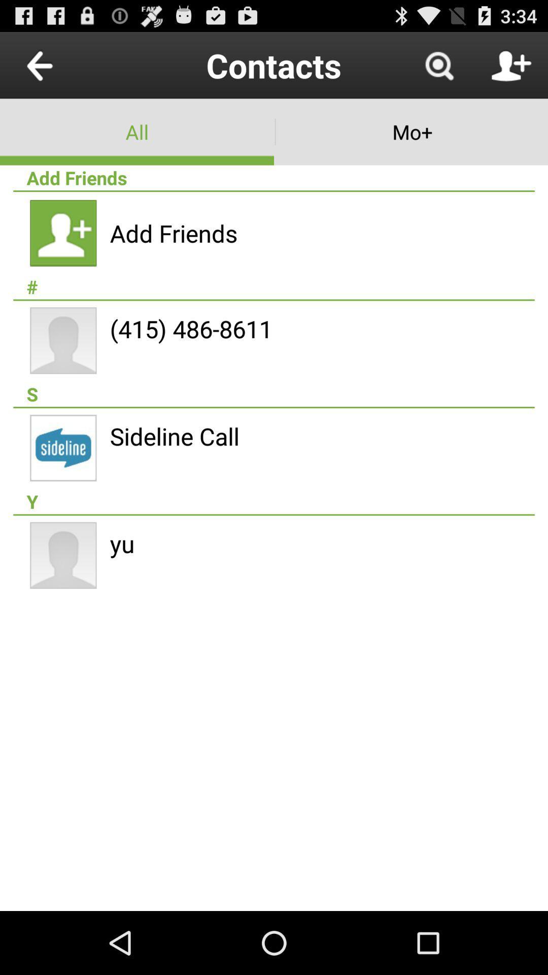  I want to click on new contact, so click(511, 64).